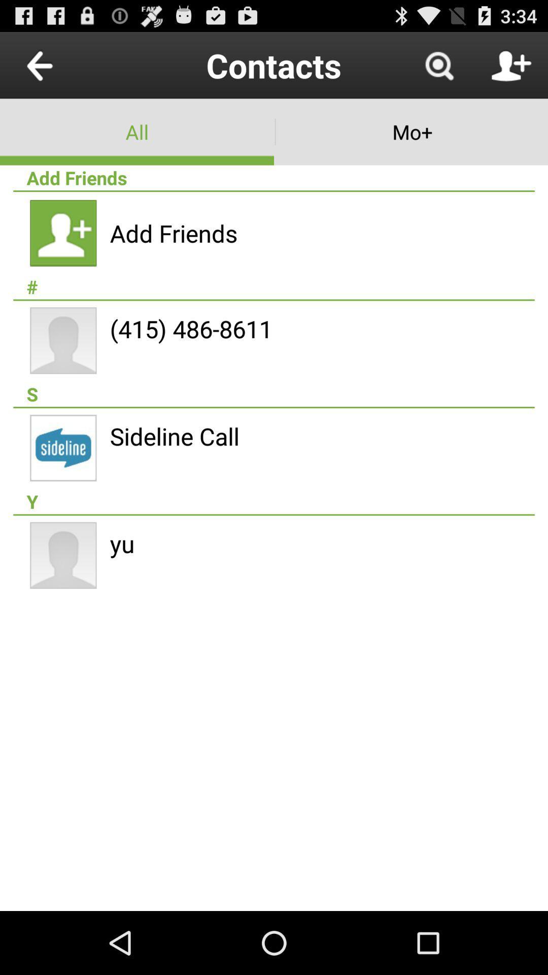  I want to click on new contact, so click(511, 64).